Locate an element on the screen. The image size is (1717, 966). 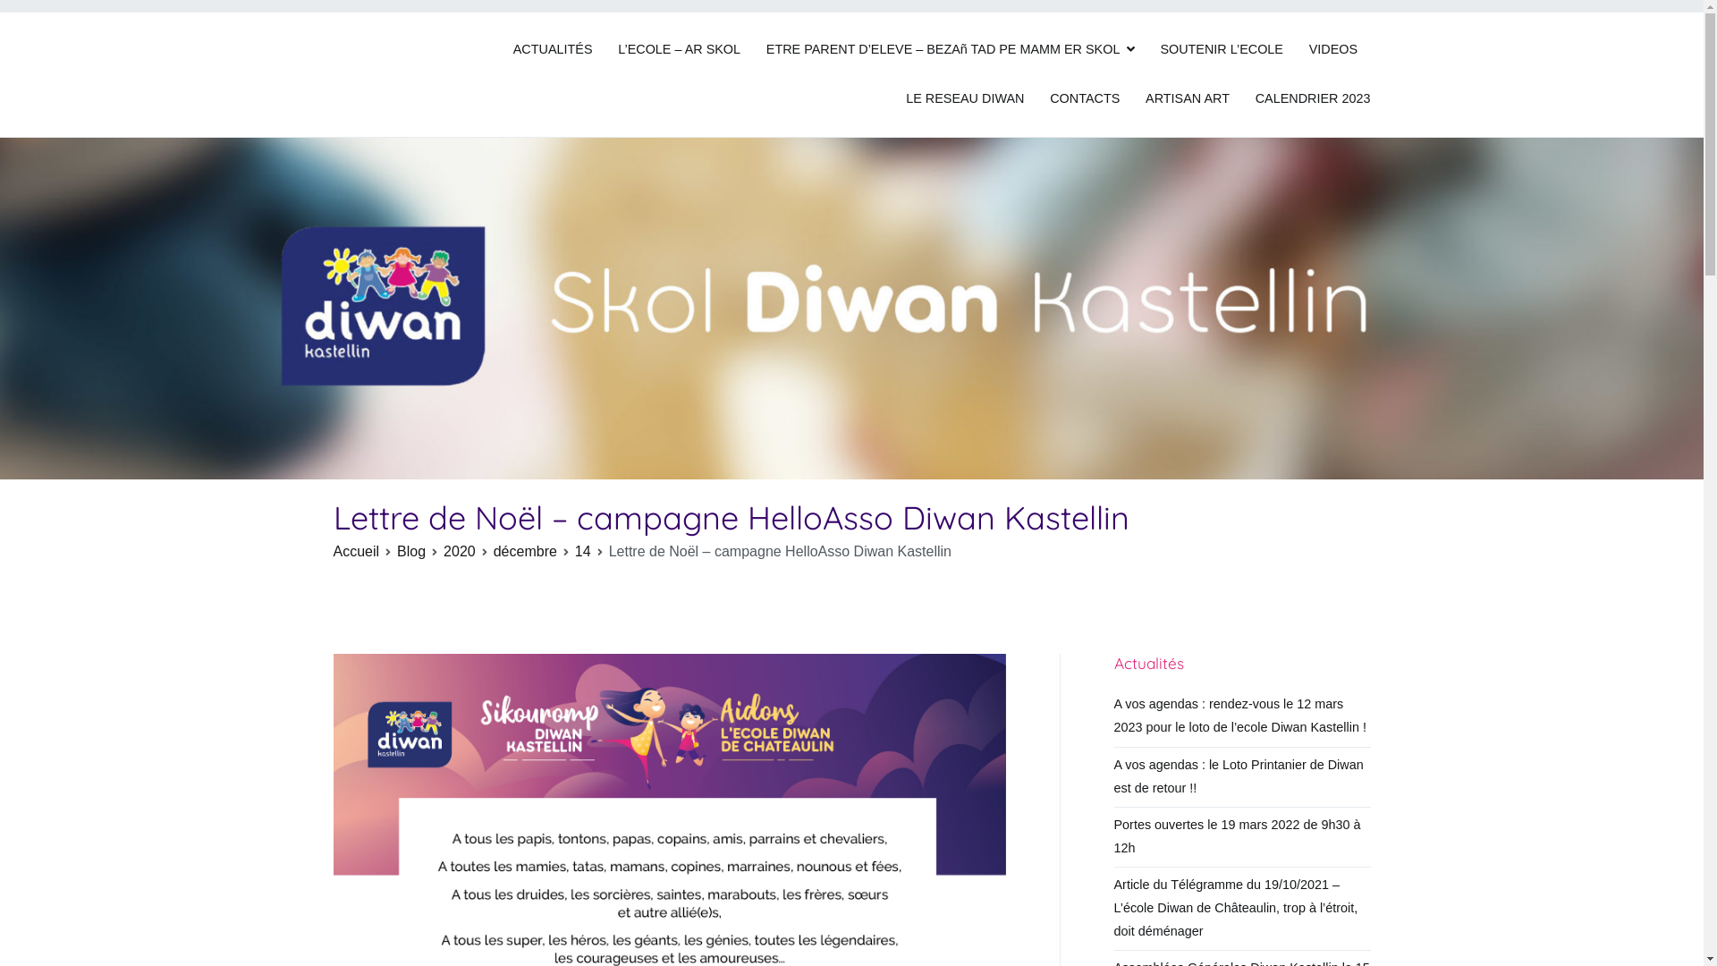
'Accueil' is located at coordinates (333, 550).